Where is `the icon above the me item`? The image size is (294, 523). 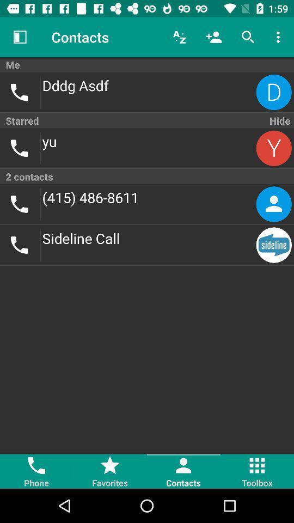 the icon above the me item is located at coordinates (20, 37).